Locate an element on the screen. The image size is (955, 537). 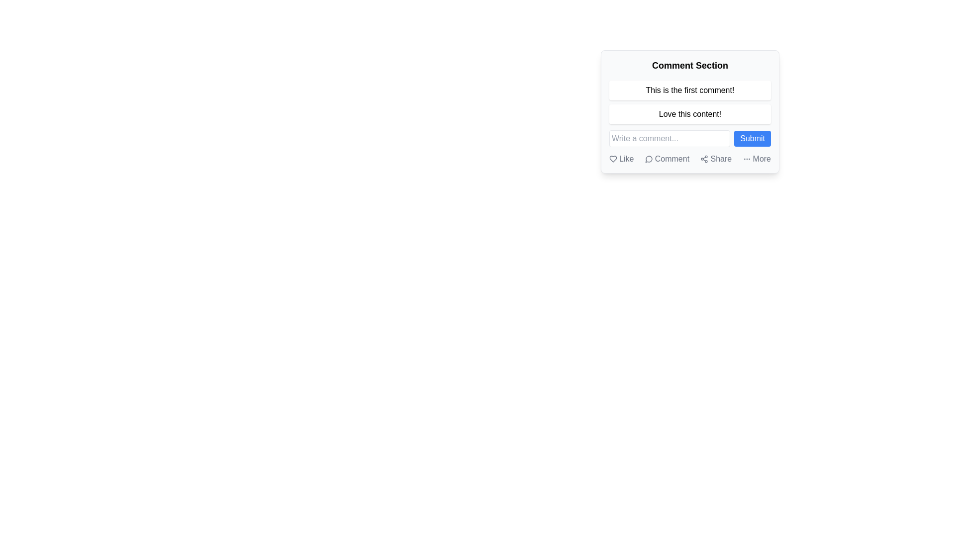
the Text Display Box that shows user comments, positioned directly below the first comment box is located at coordinates (689, 114).